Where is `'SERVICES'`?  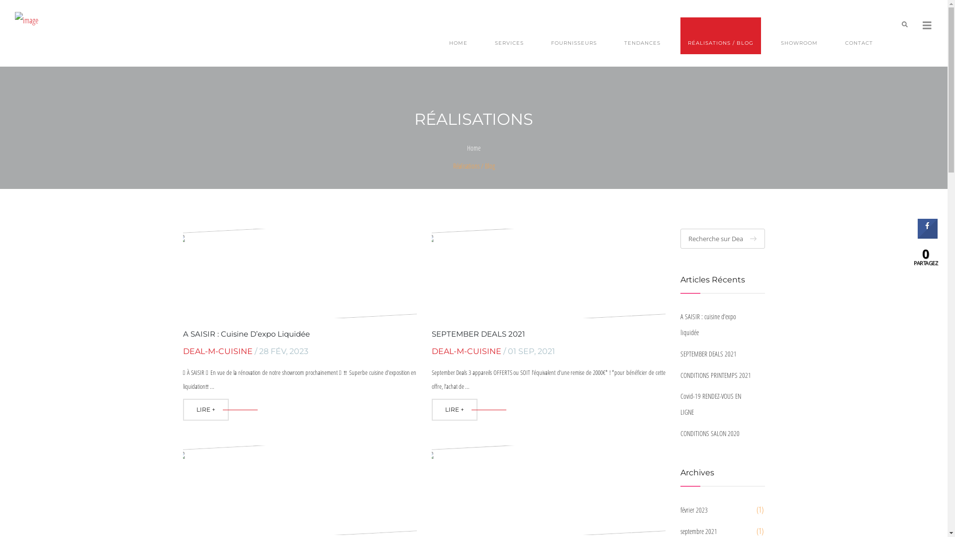 'SERVICES' is located at coordinates (487, 35).